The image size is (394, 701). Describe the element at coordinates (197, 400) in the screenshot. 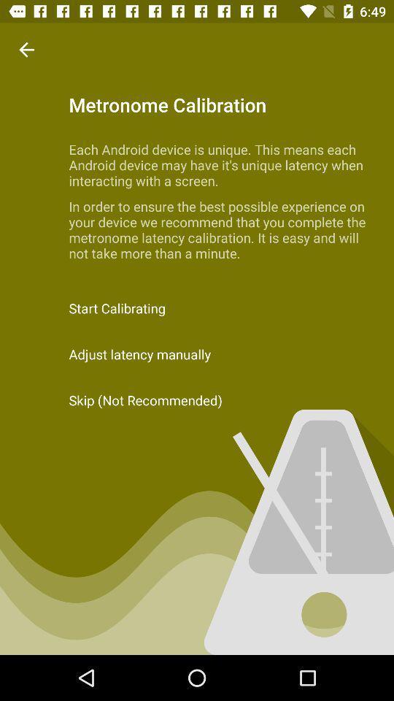

I see `skip (not recommended)` at that location.